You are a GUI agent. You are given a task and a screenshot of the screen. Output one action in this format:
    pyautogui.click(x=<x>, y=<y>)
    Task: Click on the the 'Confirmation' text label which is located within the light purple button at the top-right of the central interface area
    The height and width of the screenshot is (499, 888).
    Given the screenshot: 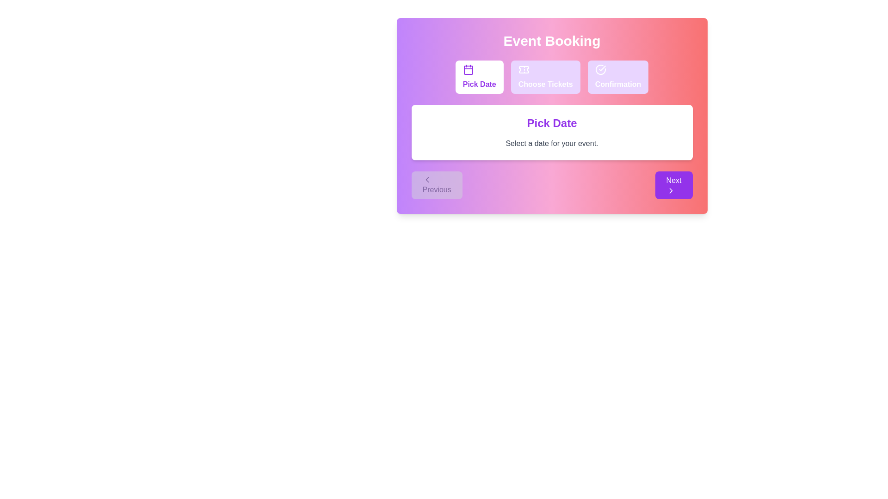 What is the action you would take?
    pyautogui.click(x=618, y=84)
    